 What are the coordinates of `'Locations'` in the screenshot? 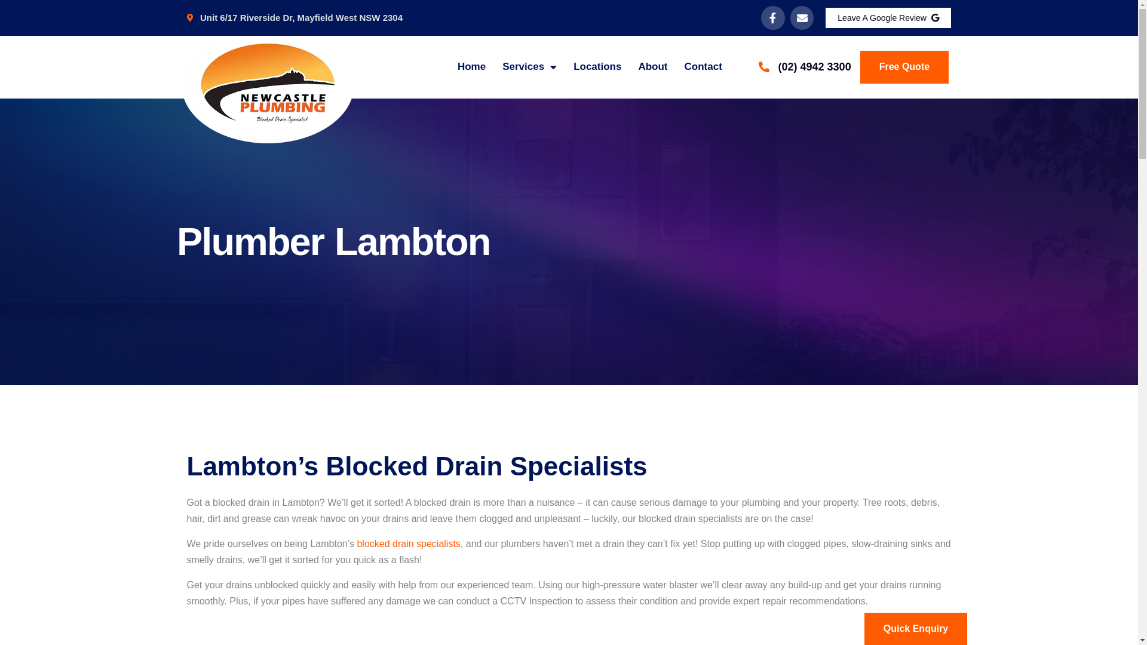 It's located at (597, 66).